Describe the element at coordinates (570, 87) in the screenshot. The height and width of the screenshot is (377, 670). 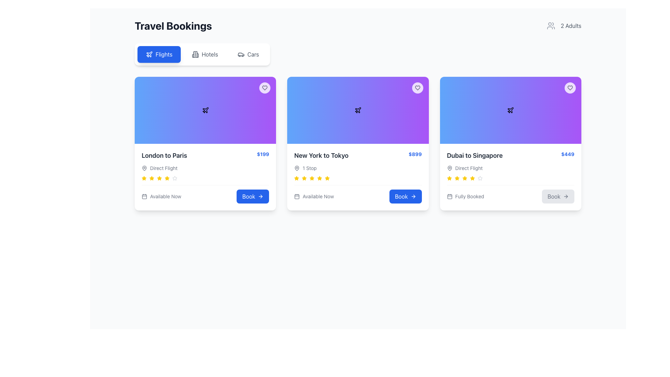
I see `the heart-shaped icon at the top-right corner of the card displaying information about 'Dubai to Singapore'` at that location.